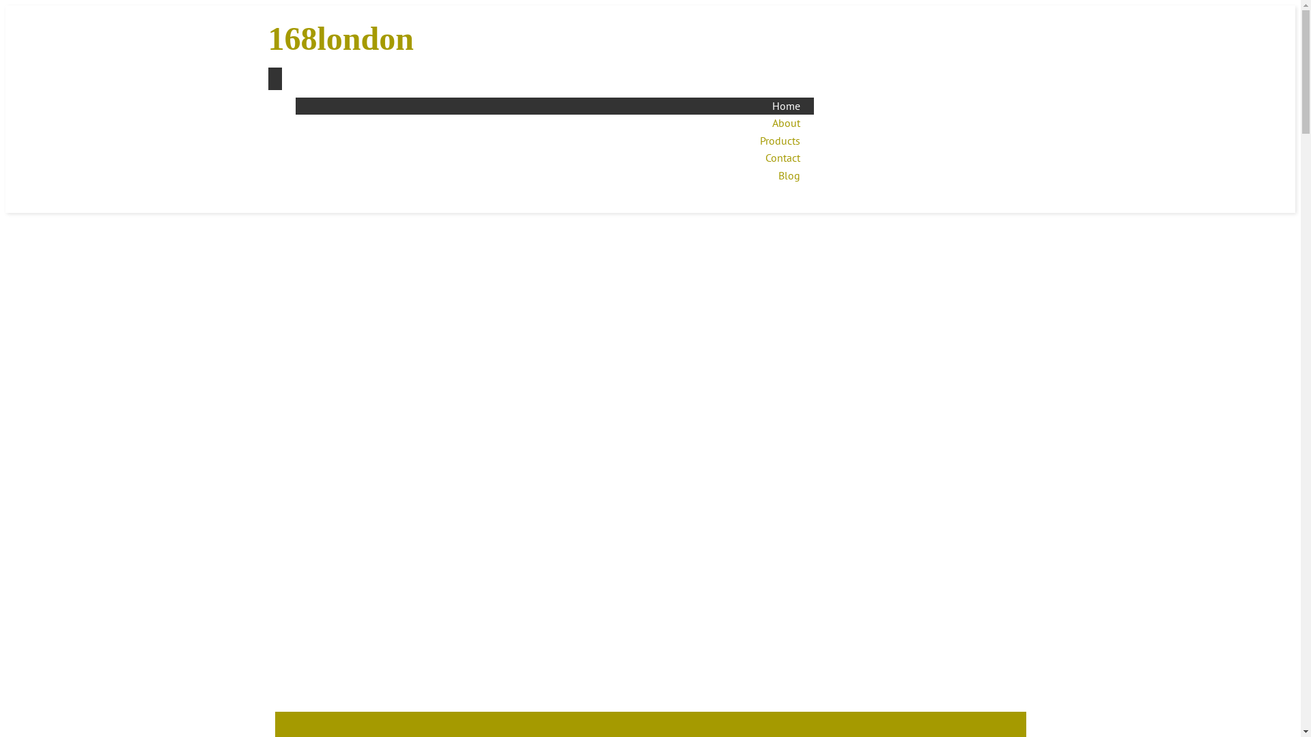  Describe the element at coordinates (380, 38) in the screenshot. I see `'168london'` at that location.